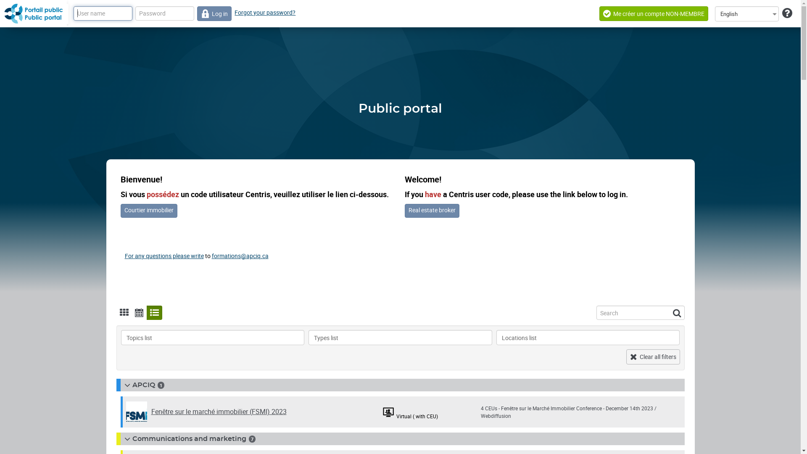  Describe the element at coordinates (164, 255) in the screenshot. I see `'For any questions please write'` at that location.